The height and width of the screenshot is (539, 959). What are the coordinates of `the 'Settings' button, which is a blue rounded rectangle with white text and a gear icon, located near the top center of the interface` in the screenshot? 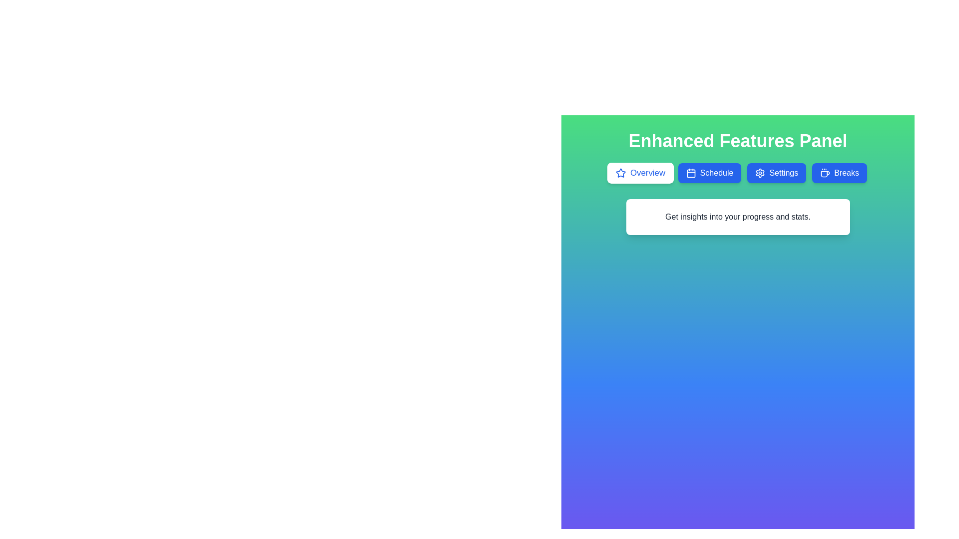 It's located at (776, 173).